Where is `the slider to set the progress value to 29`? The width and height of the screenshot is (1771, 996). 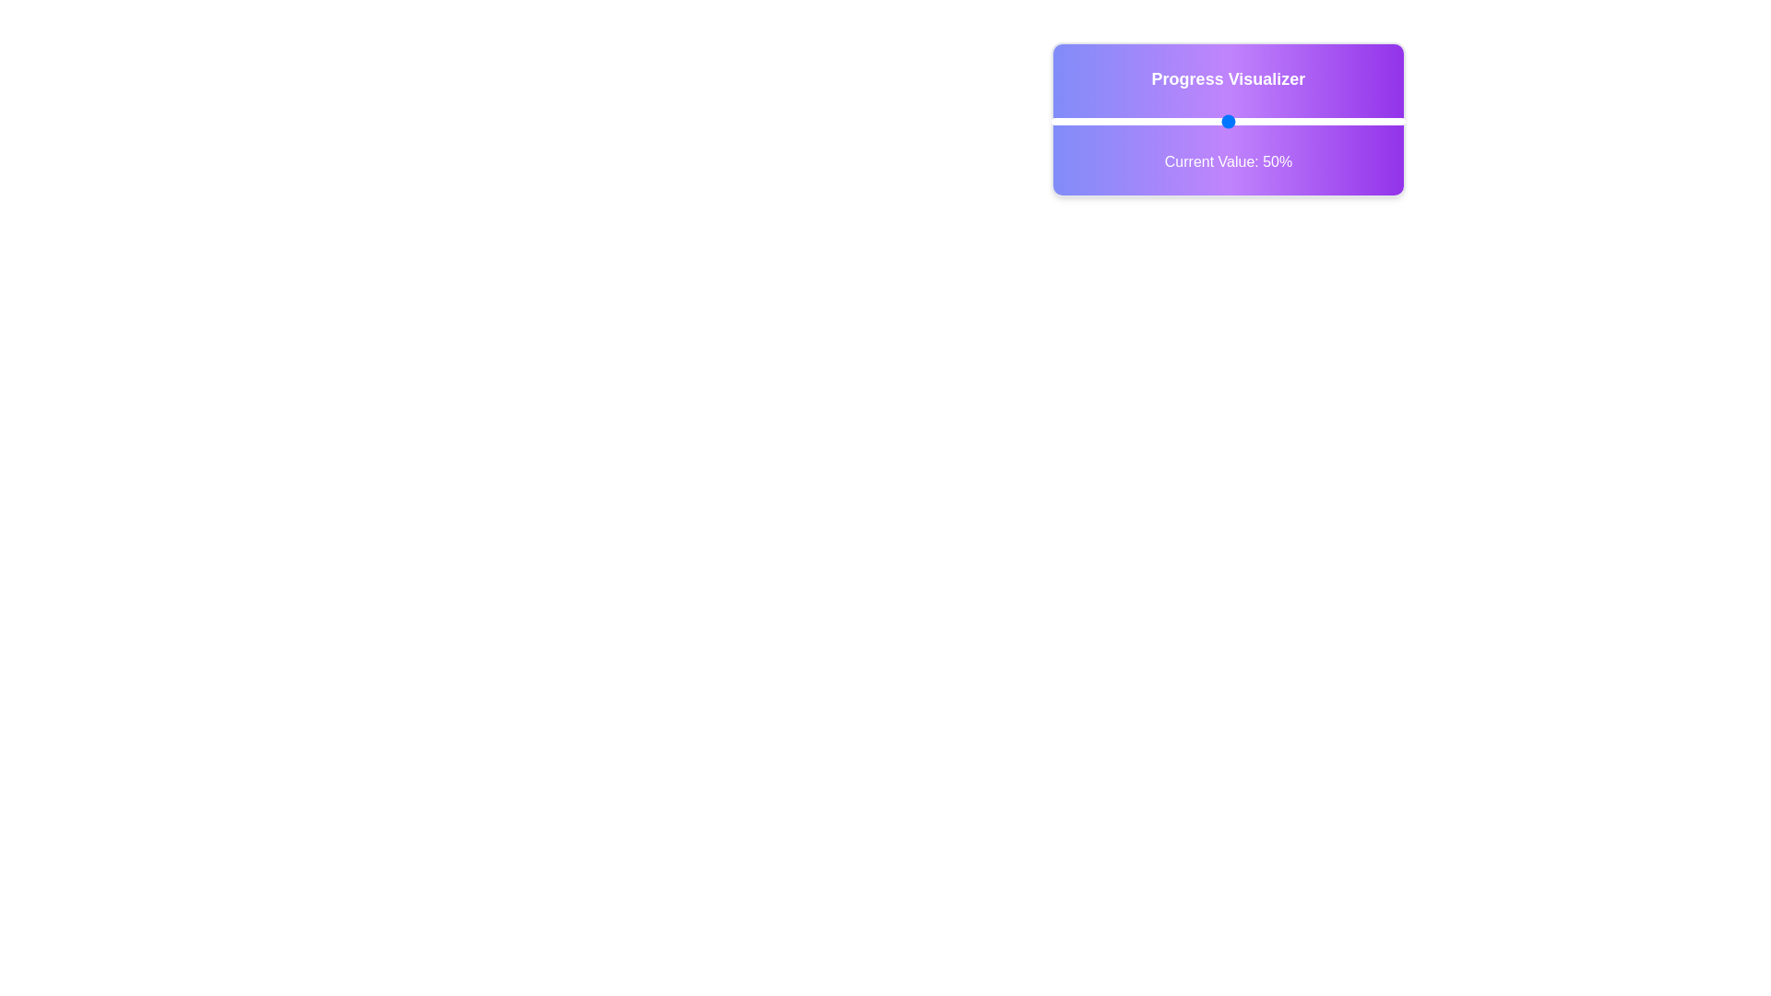 the slider to set the progress value to 29 is located at coordinates (1153, 121).